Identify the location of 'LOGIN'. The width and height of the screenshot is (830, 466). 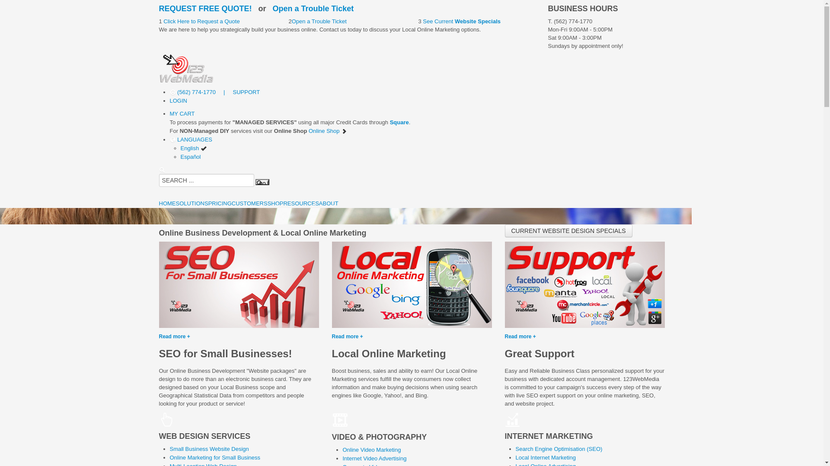
(178, 100).